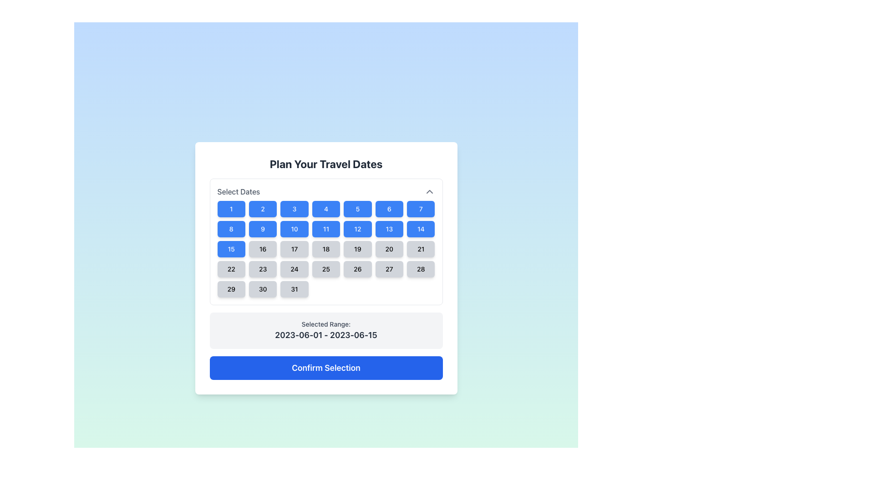  What do you see at coordinates (326, 367) in the screenshot?
I see `the confirmation button located at the bottom of the modal` at bounding box center [326, 367].